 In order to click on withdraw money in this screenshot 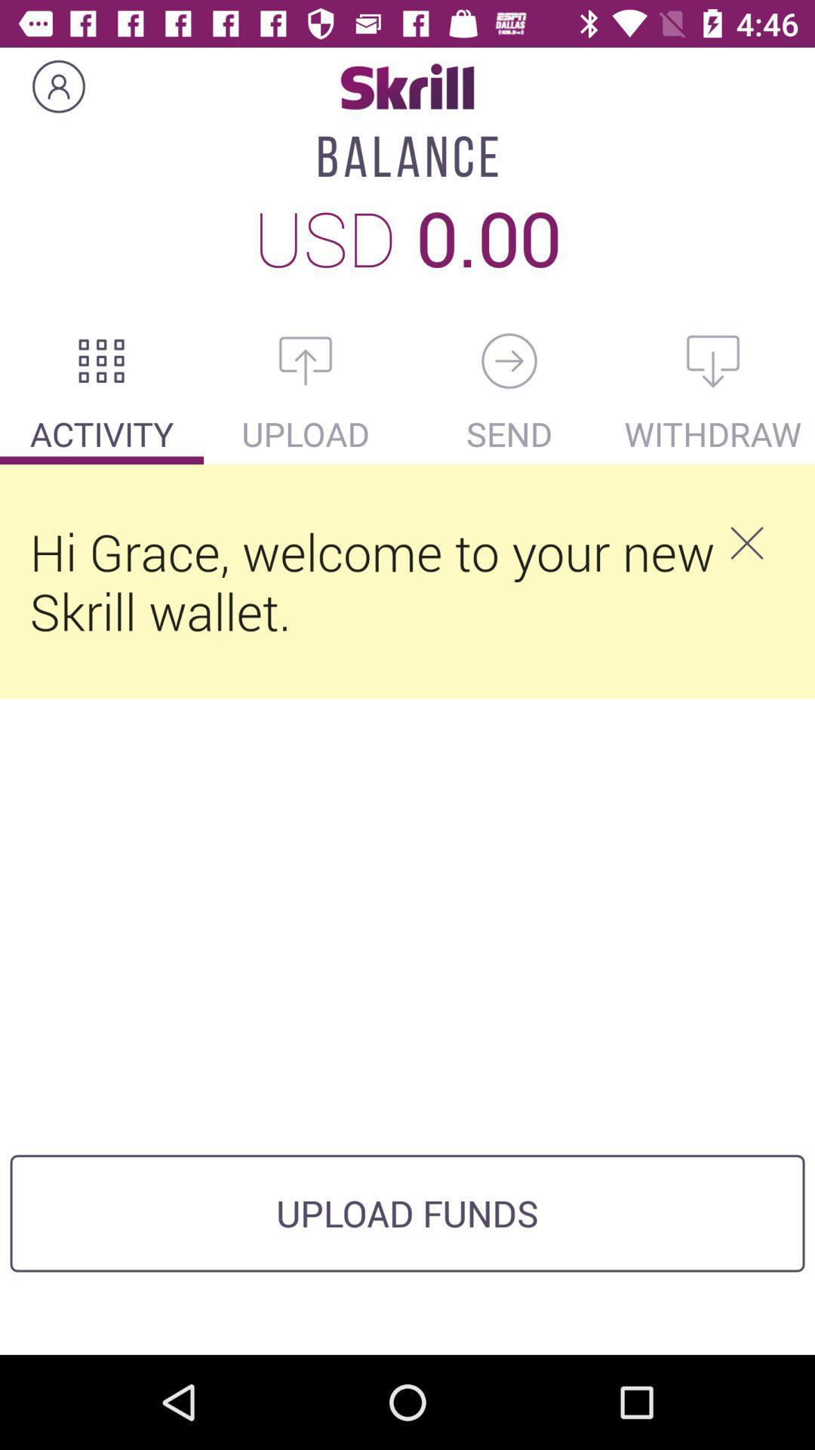, I will do `click(713, 360)`.